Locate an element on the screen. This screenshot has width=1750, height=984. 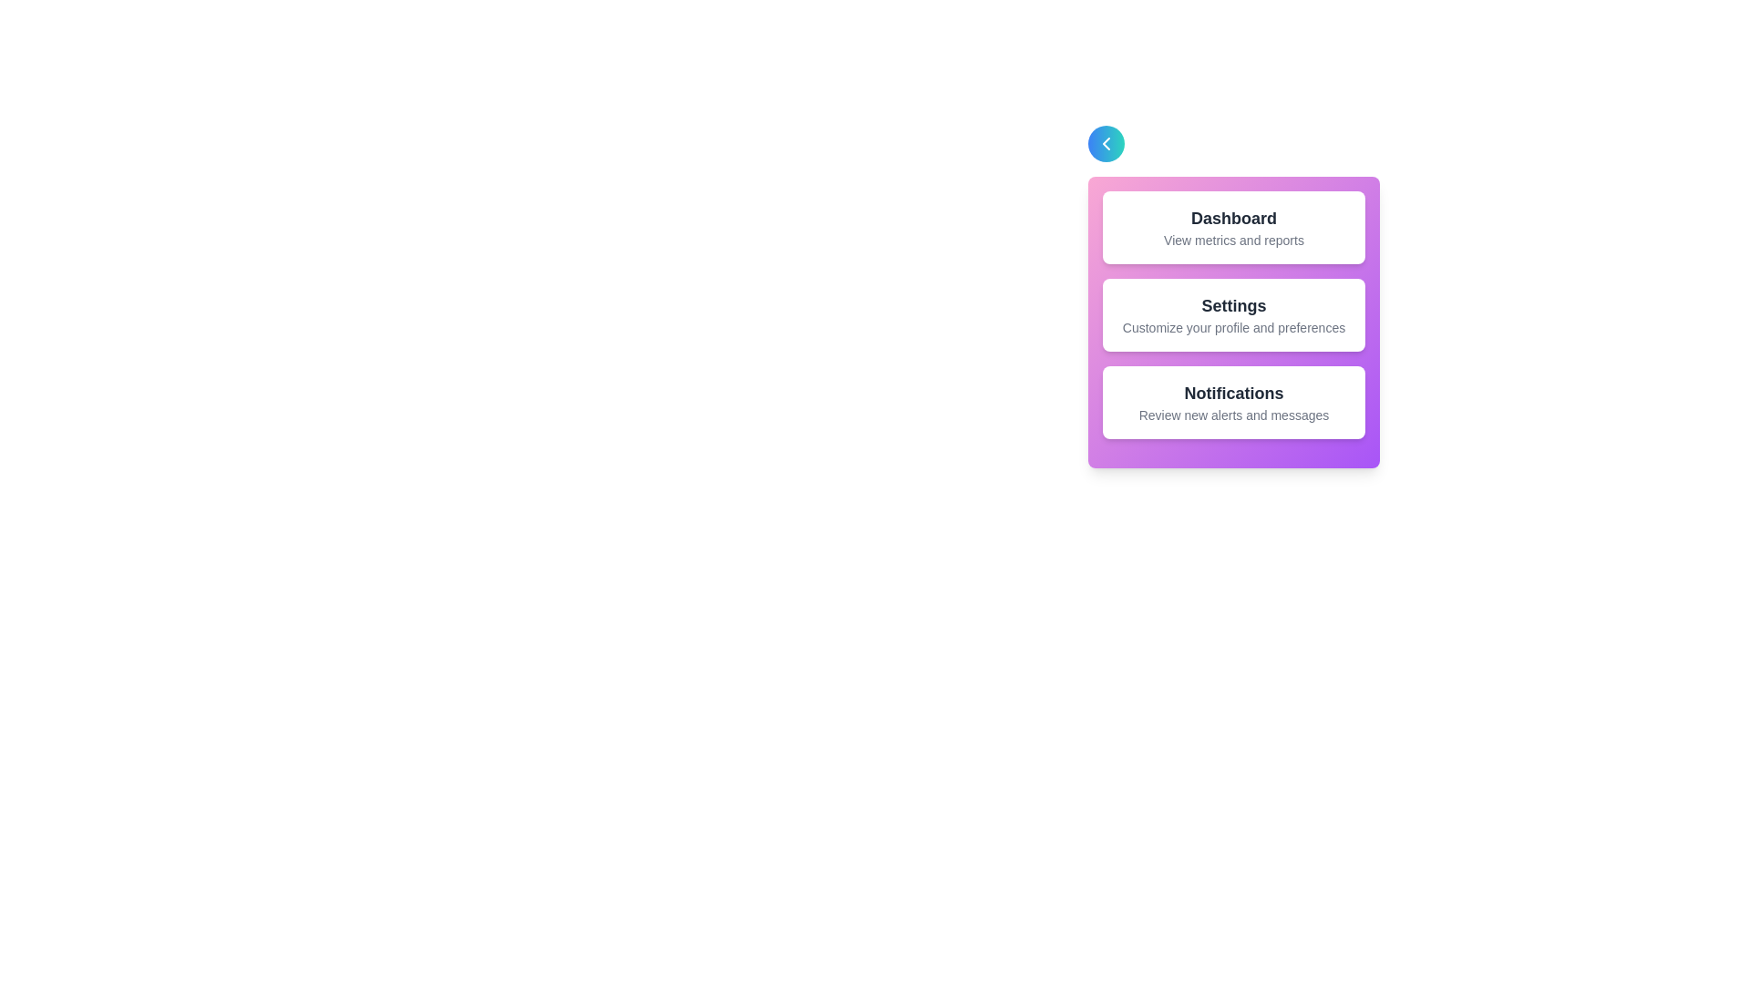
the Settings section to focus on it is located at coordinates (1233, 314).